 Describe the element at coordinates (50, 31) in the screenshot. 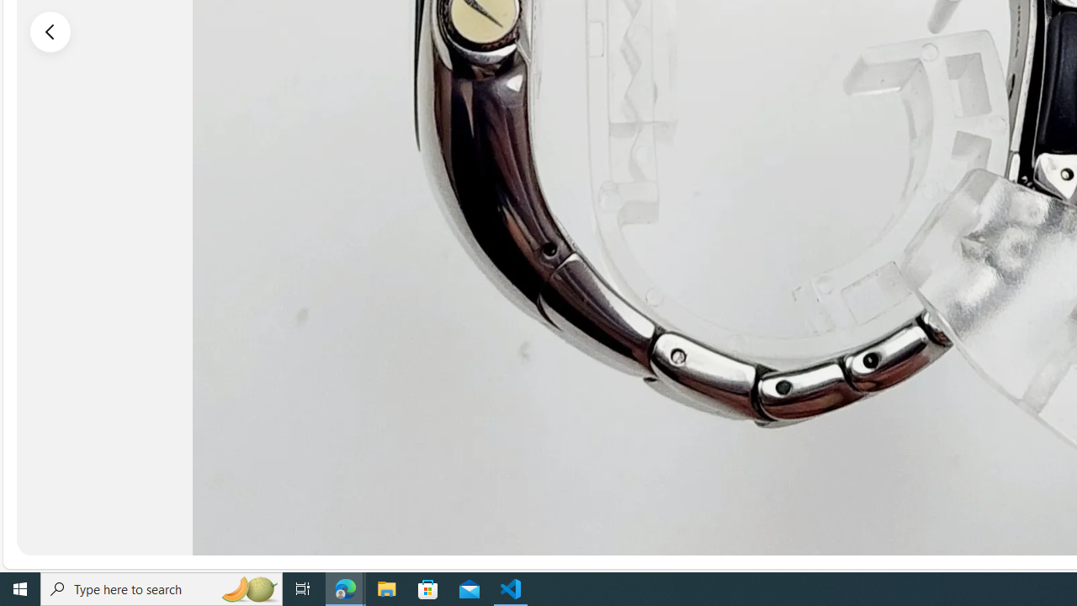

I see `'Previous image - Item images thumbnails'` at that location.